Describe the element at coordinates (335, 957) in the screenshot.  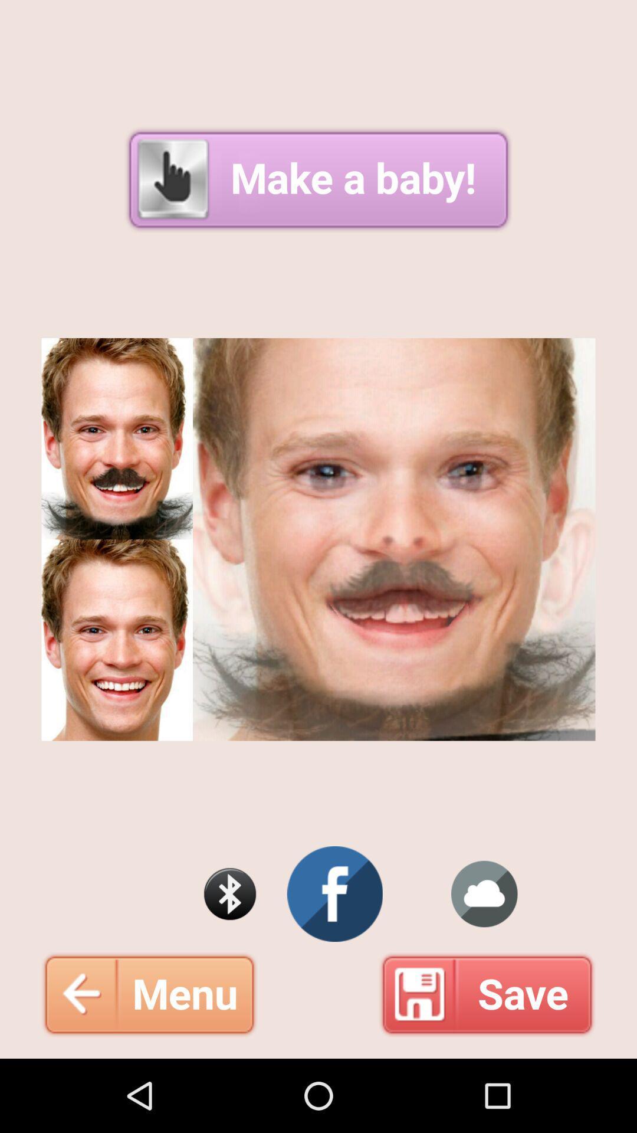
I see `the facebook icon` at that location.